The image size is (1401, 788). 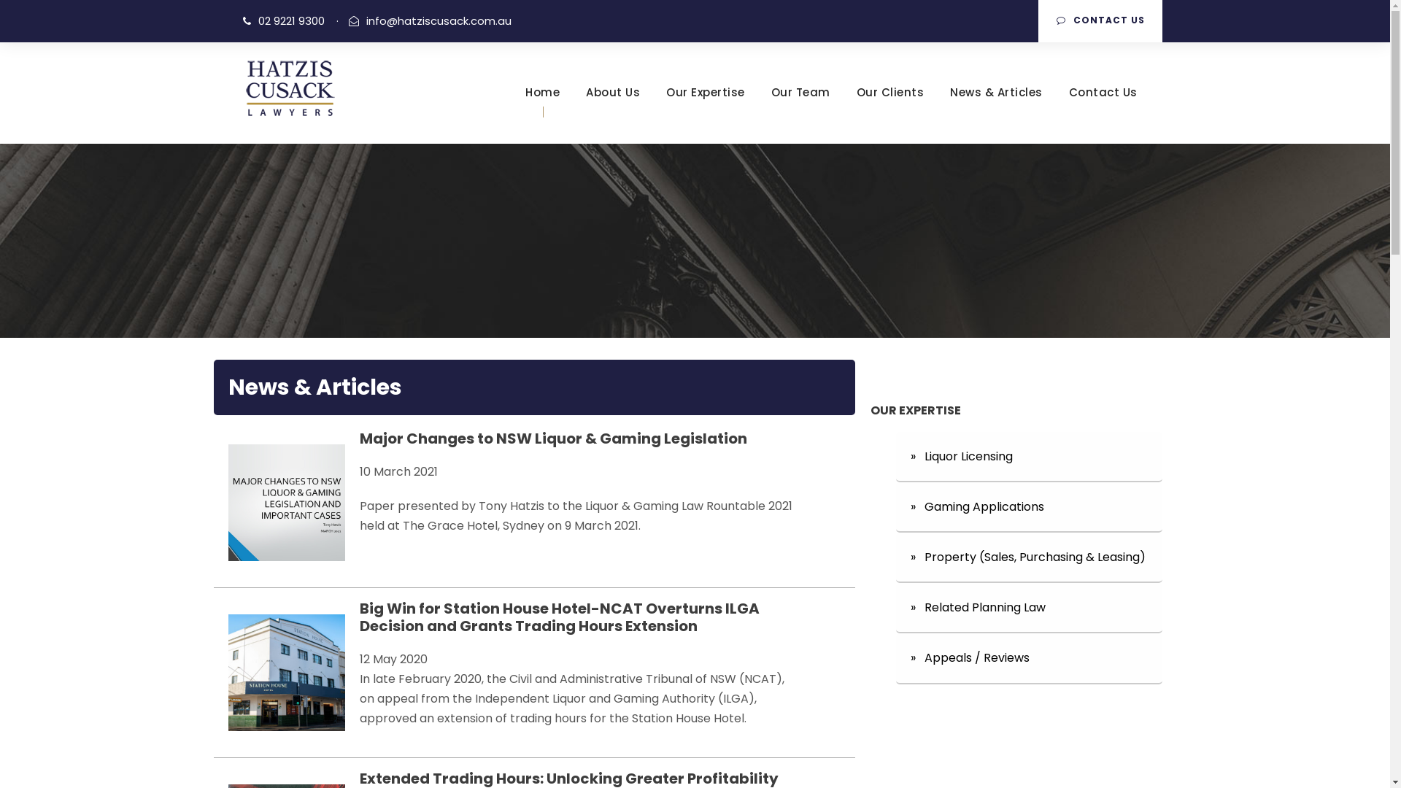 What do you see at coordinates (585, 112) in the screenshot?
I see `'About Us'` at bounding box center [585, 112].